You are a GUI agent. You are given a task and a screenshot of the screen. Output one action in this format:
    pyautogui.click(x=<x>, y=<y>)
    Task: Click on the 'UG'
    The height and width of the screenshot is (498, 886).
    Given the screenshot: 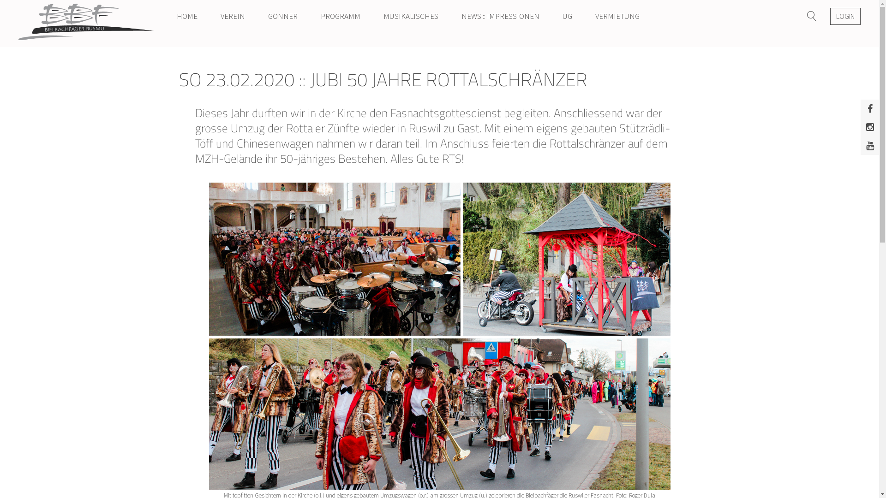 What is the action you would take?
    pyautogui.click(x=567, y=16)
    